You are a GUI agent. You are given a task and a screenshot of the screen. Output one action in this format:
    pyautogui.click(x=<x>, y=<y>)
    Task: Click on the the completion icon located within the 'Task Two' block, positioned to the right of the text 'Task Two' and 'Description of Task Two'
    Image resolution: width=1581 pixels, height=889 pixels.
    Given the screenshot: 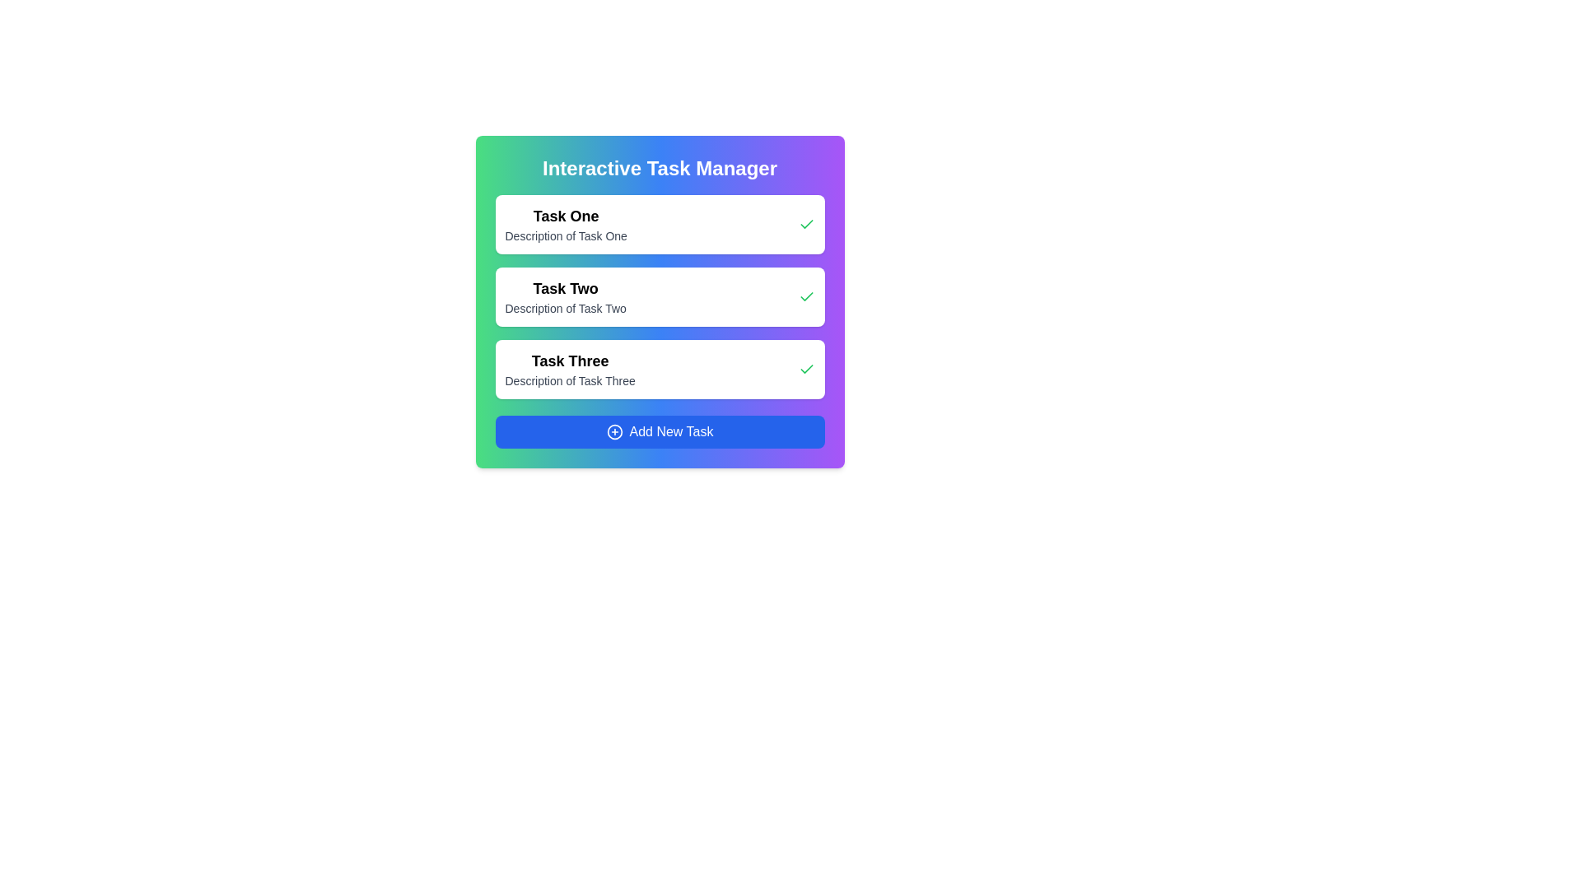 What is the action you would take?
    pyautogui.click(x=806, y=297)
    